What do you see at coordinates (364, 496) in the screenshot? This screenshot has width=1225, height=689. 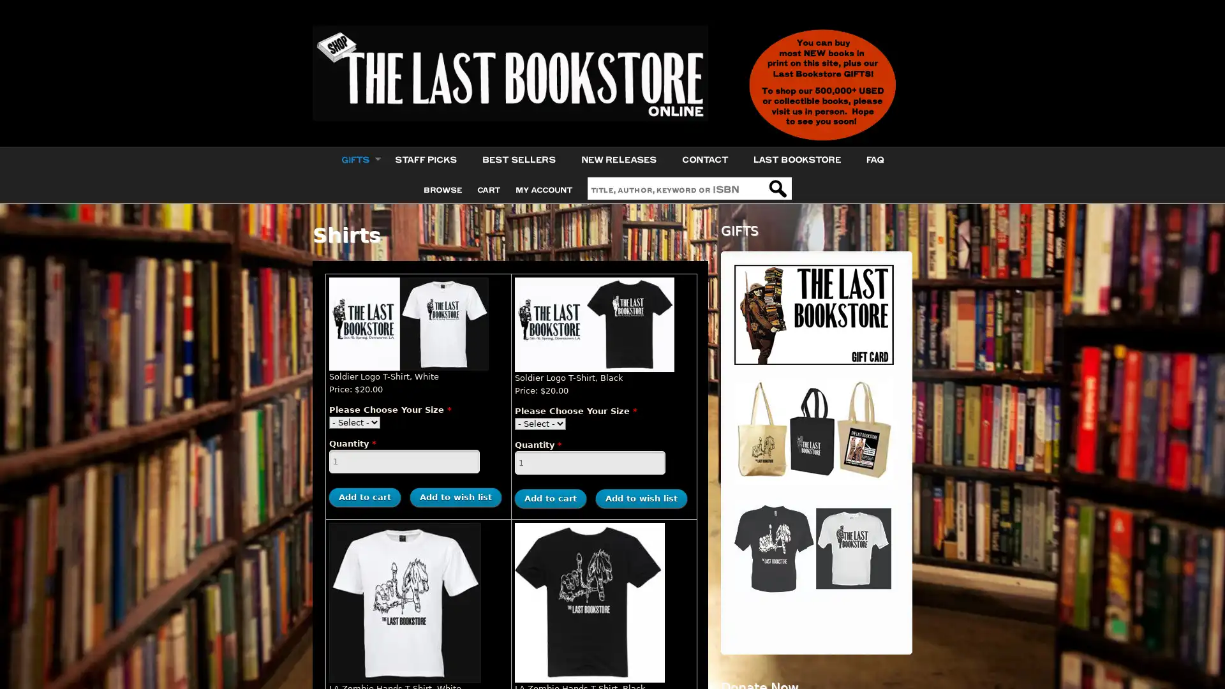 I see `Add to cart` at bounding box center [364, 496].